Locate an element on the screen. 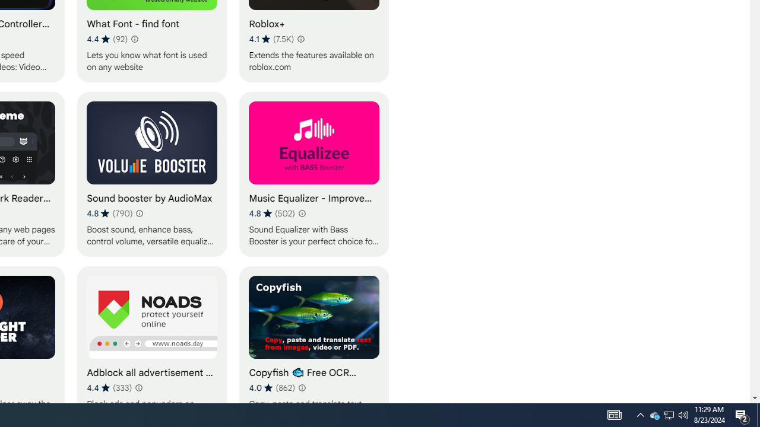 This screenshot has height=427, width=760. 'Music Equalizer - Improve Sound for everyone' is located at coordinates (314, 174).